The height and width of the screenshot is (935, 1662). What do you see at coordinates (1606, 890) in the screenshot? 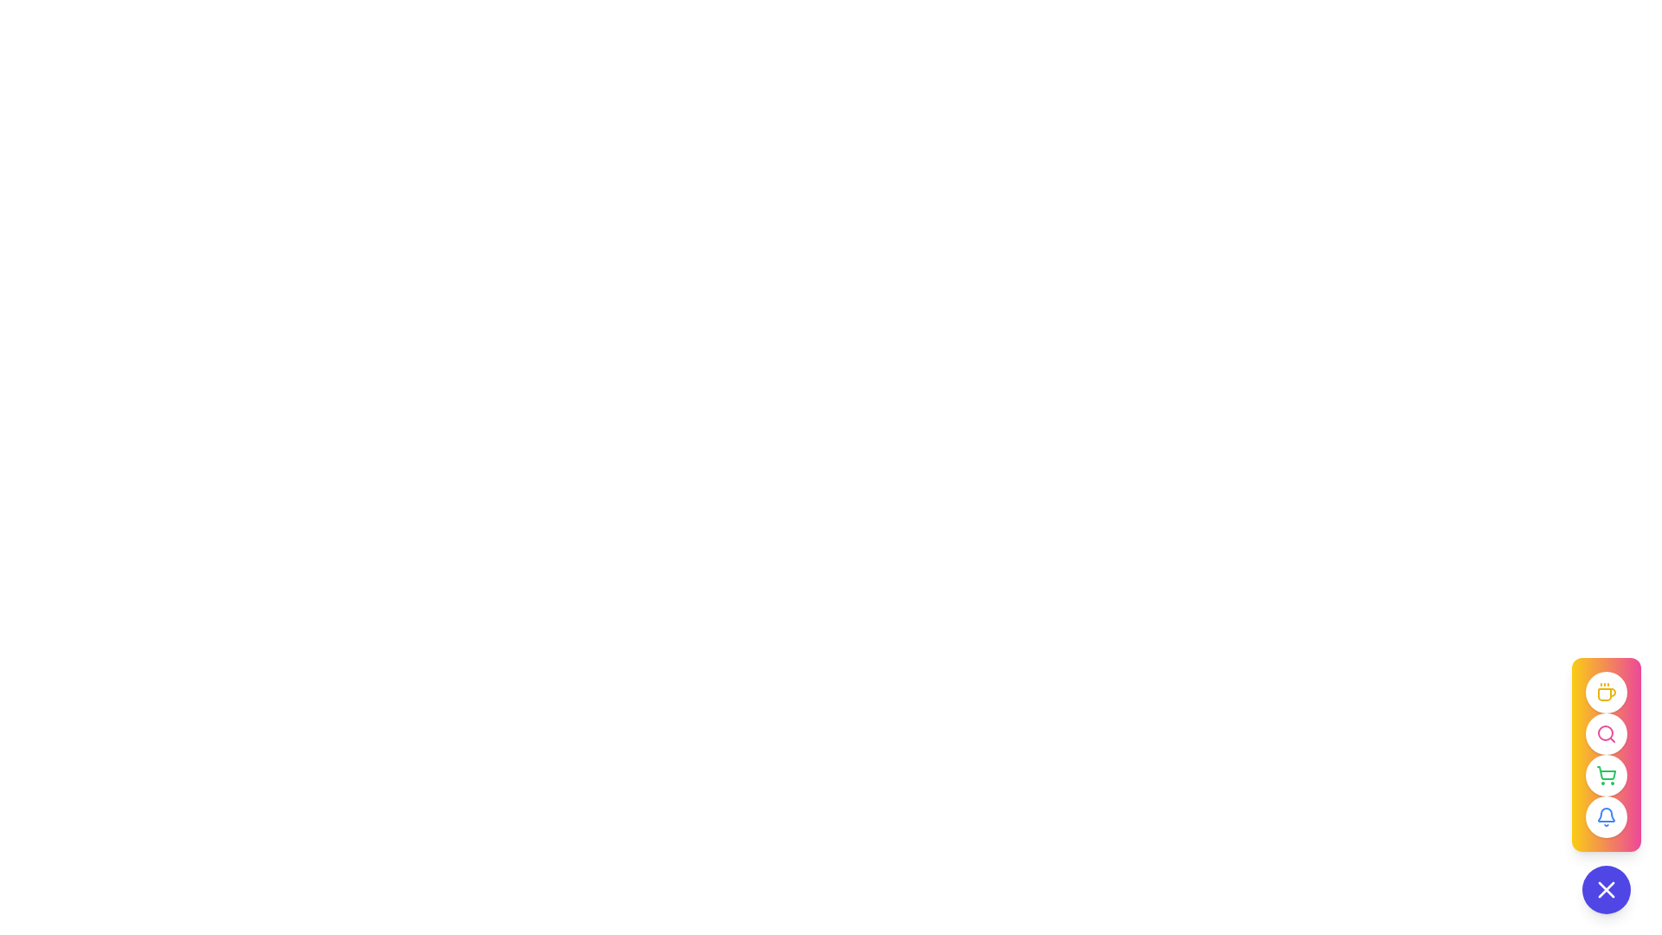
I see `the Close or cancel icon represented by an 'X' symbol in the SVG element` at bounding box center [1606, 890].